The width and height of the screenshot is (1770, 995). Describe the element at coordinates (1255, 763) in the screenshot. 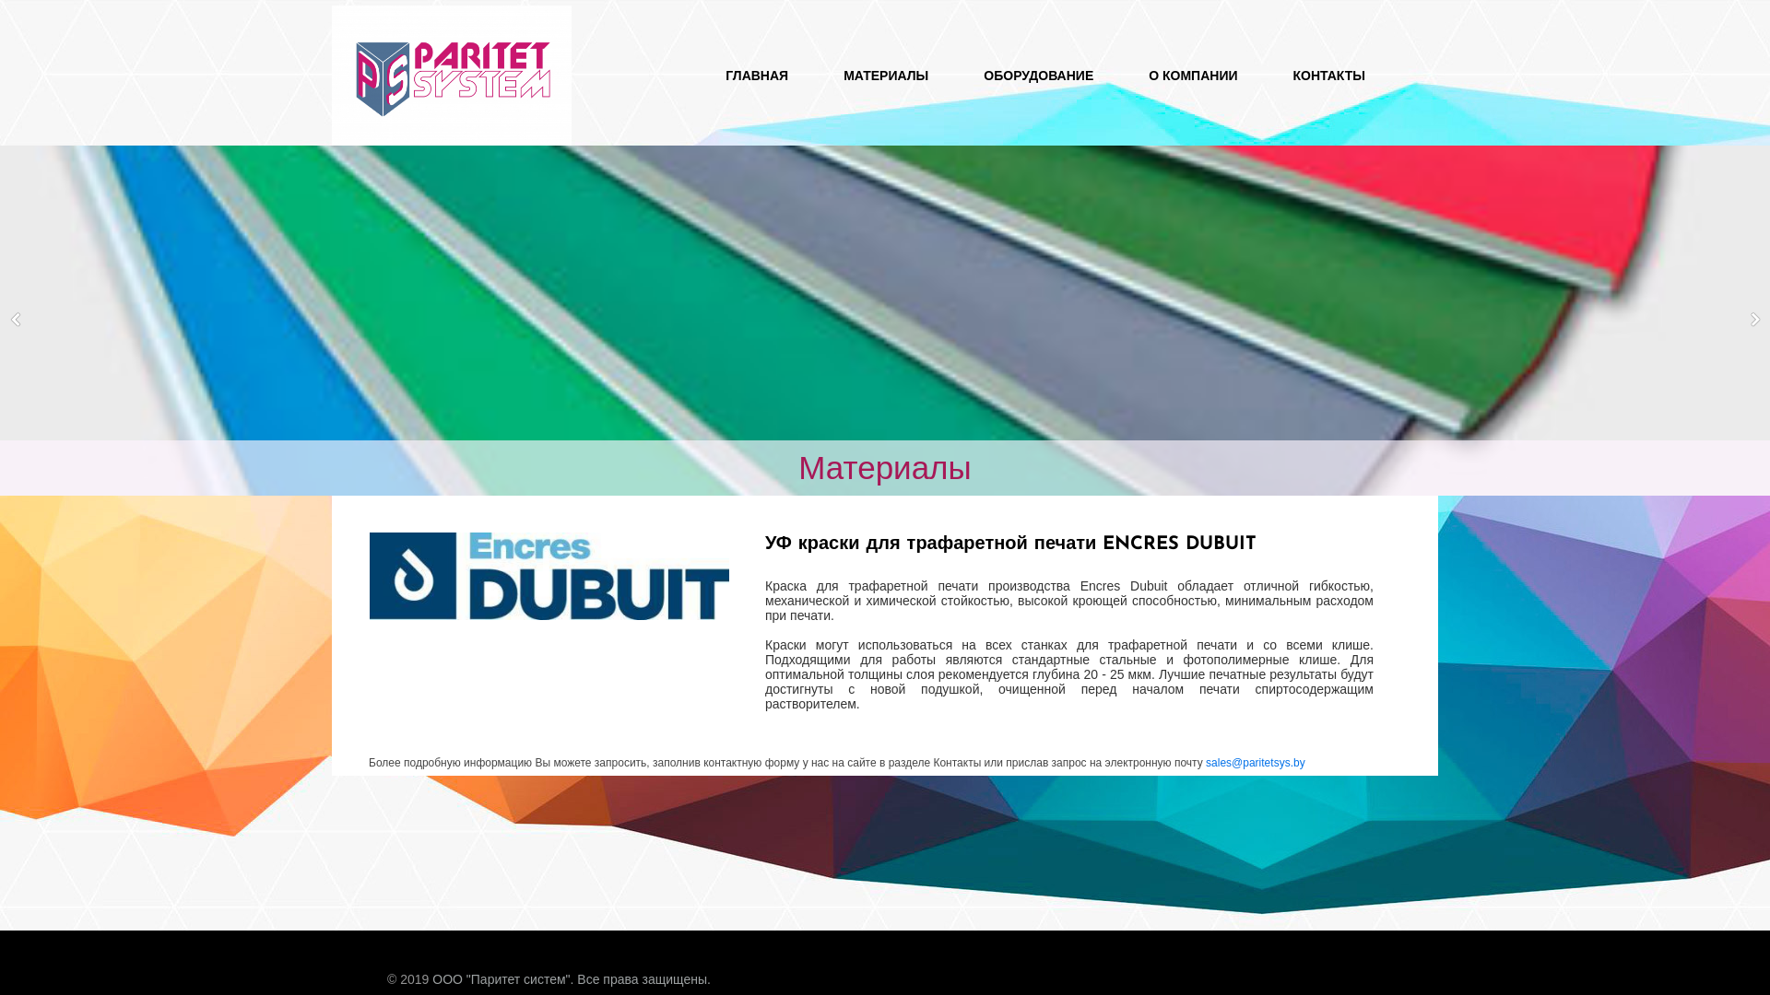

I see `'sales@paritetsys.by'` at that location.